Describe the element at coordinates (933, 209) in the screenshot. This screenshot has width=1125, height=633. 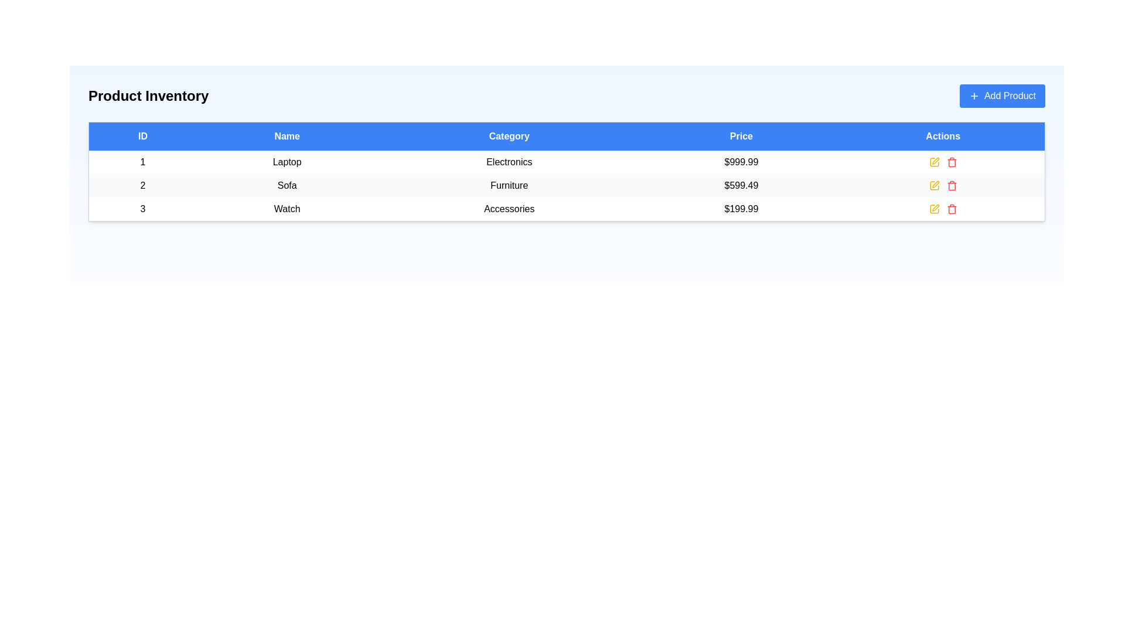
I see `the action-related icon in the last row of the table for the item 'Watch' in the 'Actions' column, which is part of a group of icons for editing functionalities` at that location.